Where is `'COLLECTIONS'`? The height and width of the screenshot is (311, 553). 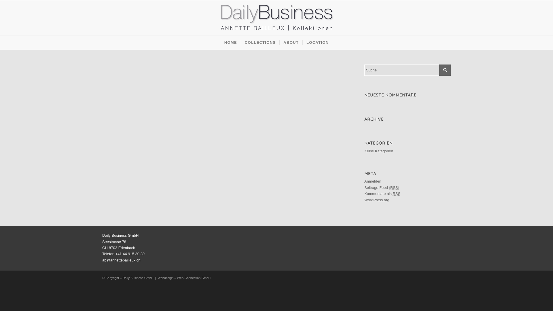 'COLLECTIONS' is located at coordinates (240, 42).